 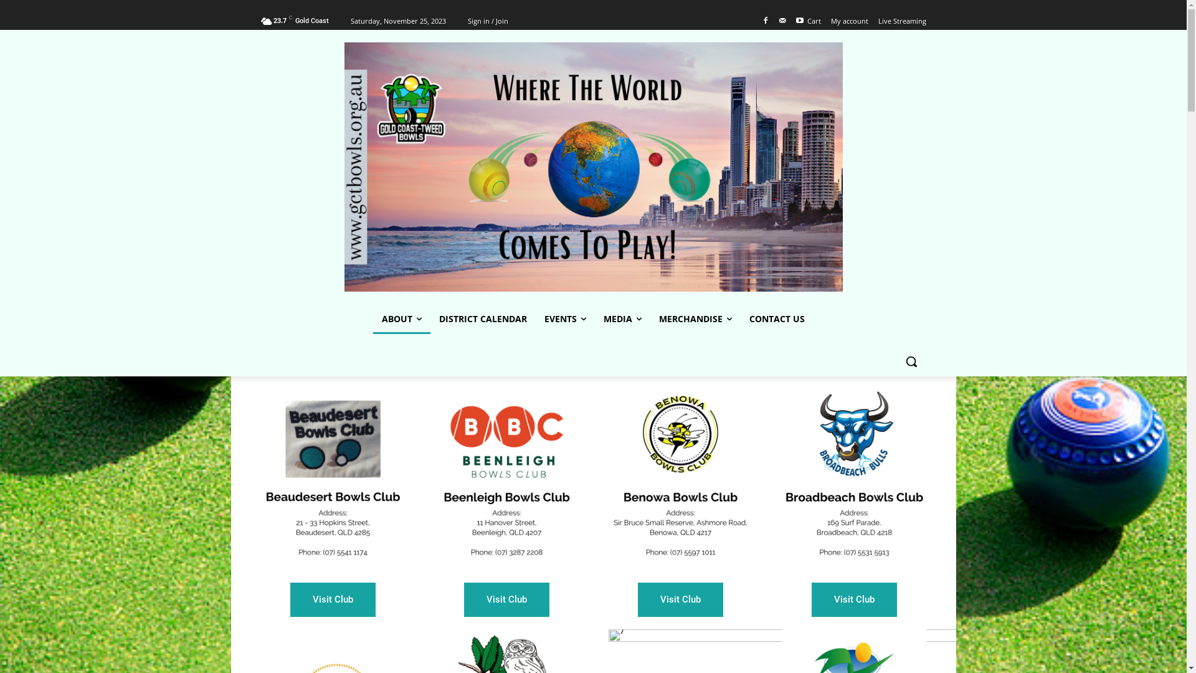 What do you see at coordinates (680, 599) in the screenshot?
I see `'Visit Club'` at bounding box center [680, 599].